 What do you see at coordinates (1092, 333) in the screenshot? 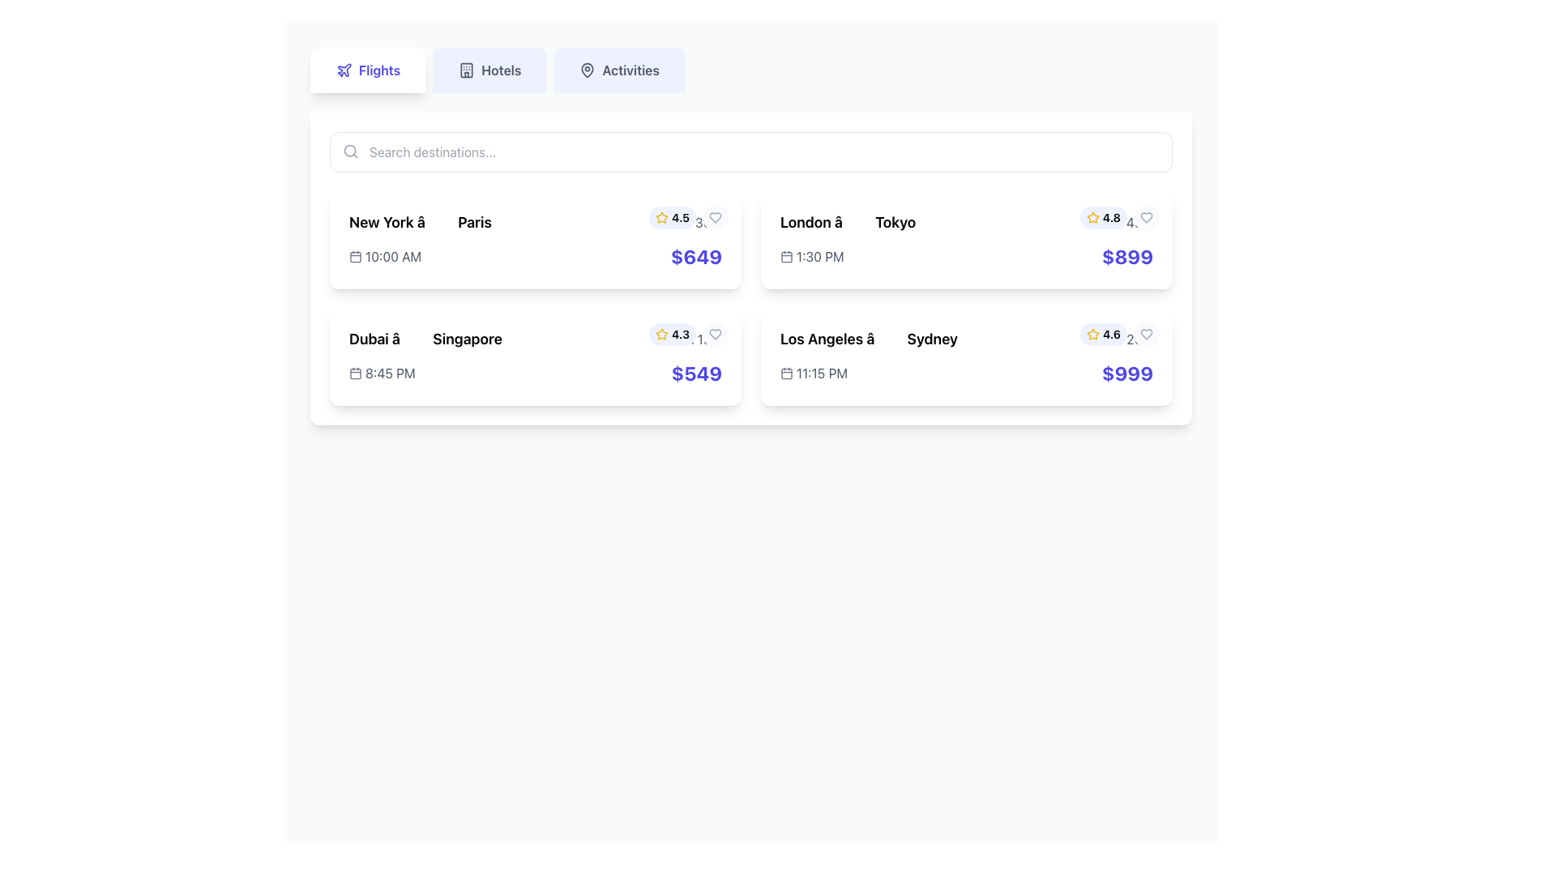
I see `the associated details by clicking on the star icon that represents the rating score of '4.6' in the bottom-right card of the interface` at bounding box center [1092, 333].